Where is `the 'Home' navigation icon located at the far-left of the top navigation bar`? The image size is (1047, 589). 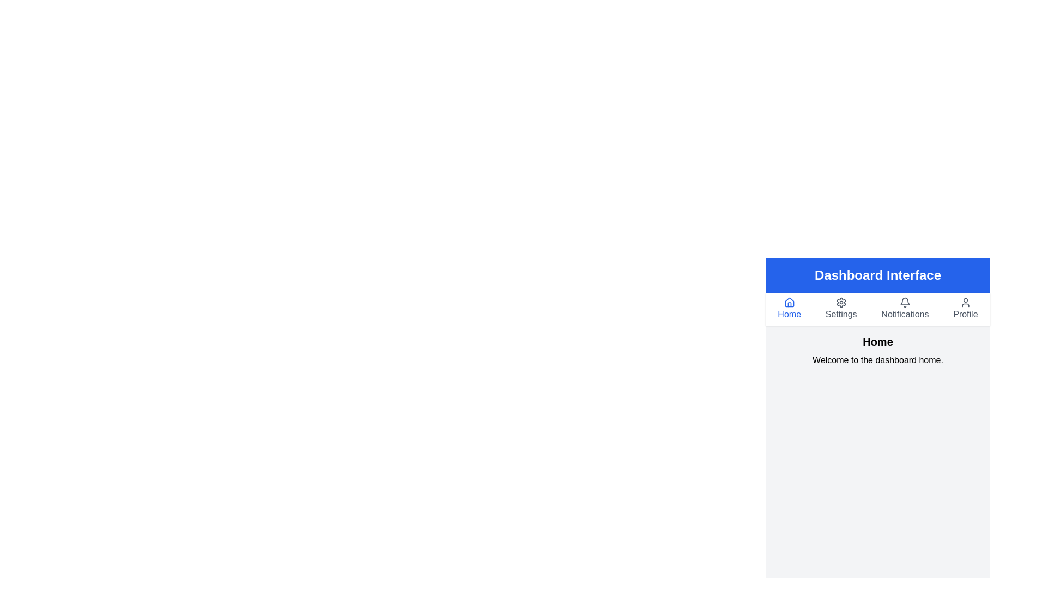
the 'Home' navigation icon located at the far-left of the top navigation bar is located at coordinates (789, 303).